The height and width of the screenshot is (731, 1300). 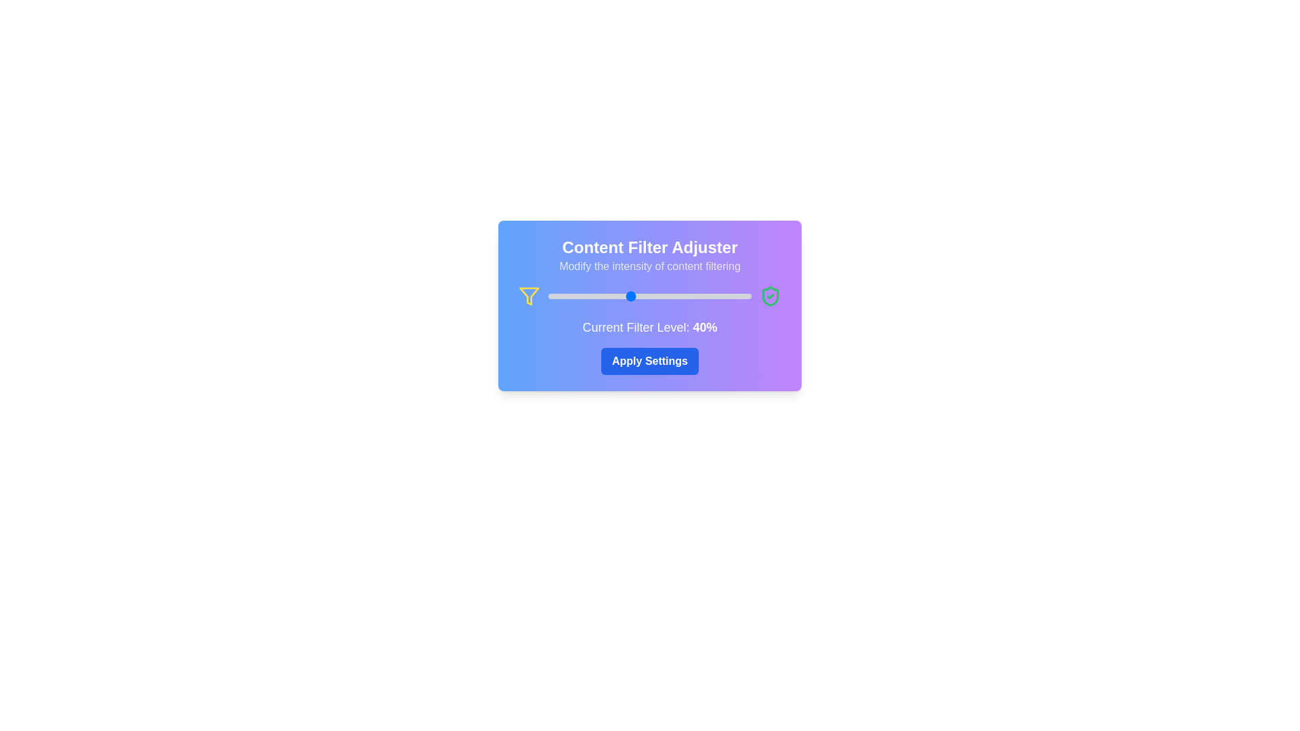 What do you see at coordinates (749, 296) in the screenshot?
I see `the slider to set the filter level to 99%` at bounding box center [749, 296].